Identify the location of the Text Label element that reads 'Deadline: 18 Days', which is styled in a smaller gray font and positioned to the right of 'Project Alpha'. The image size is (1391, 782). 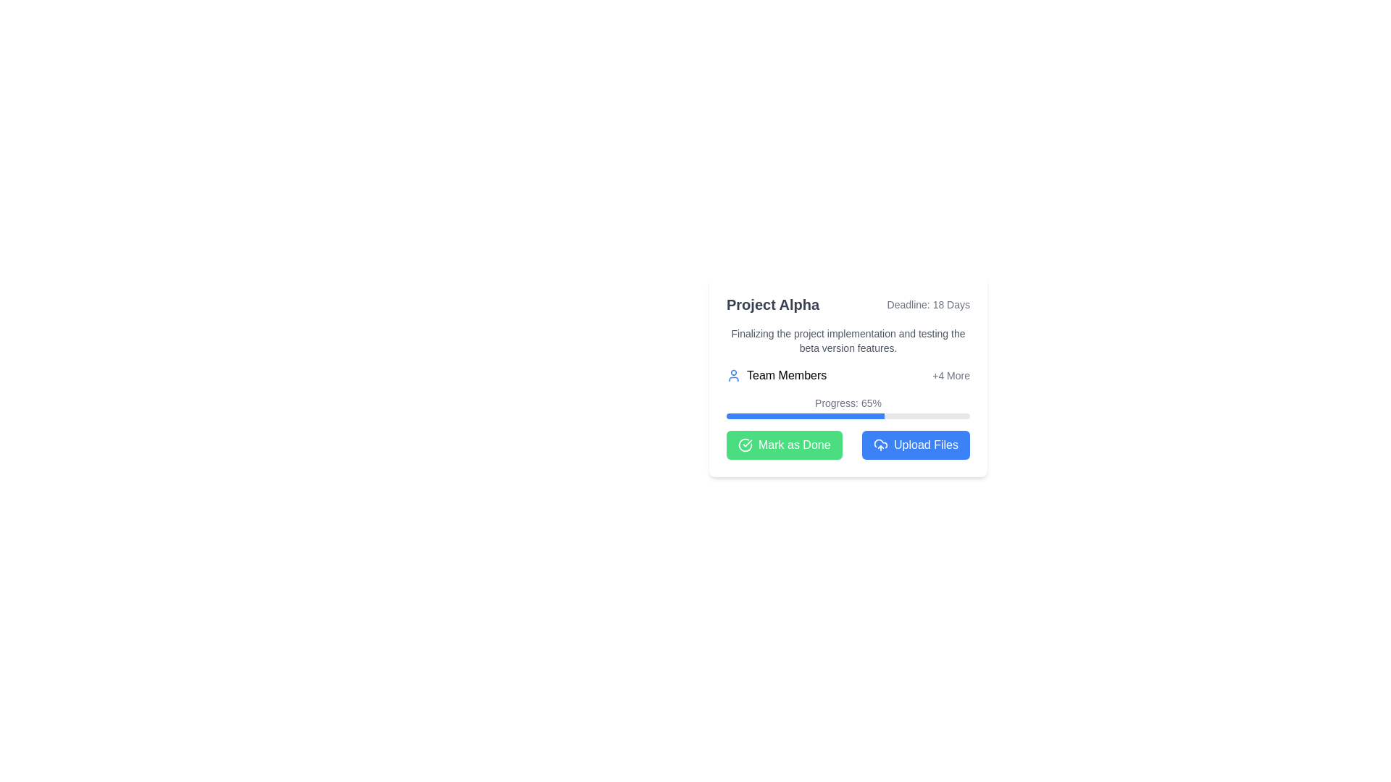
(928, 303).